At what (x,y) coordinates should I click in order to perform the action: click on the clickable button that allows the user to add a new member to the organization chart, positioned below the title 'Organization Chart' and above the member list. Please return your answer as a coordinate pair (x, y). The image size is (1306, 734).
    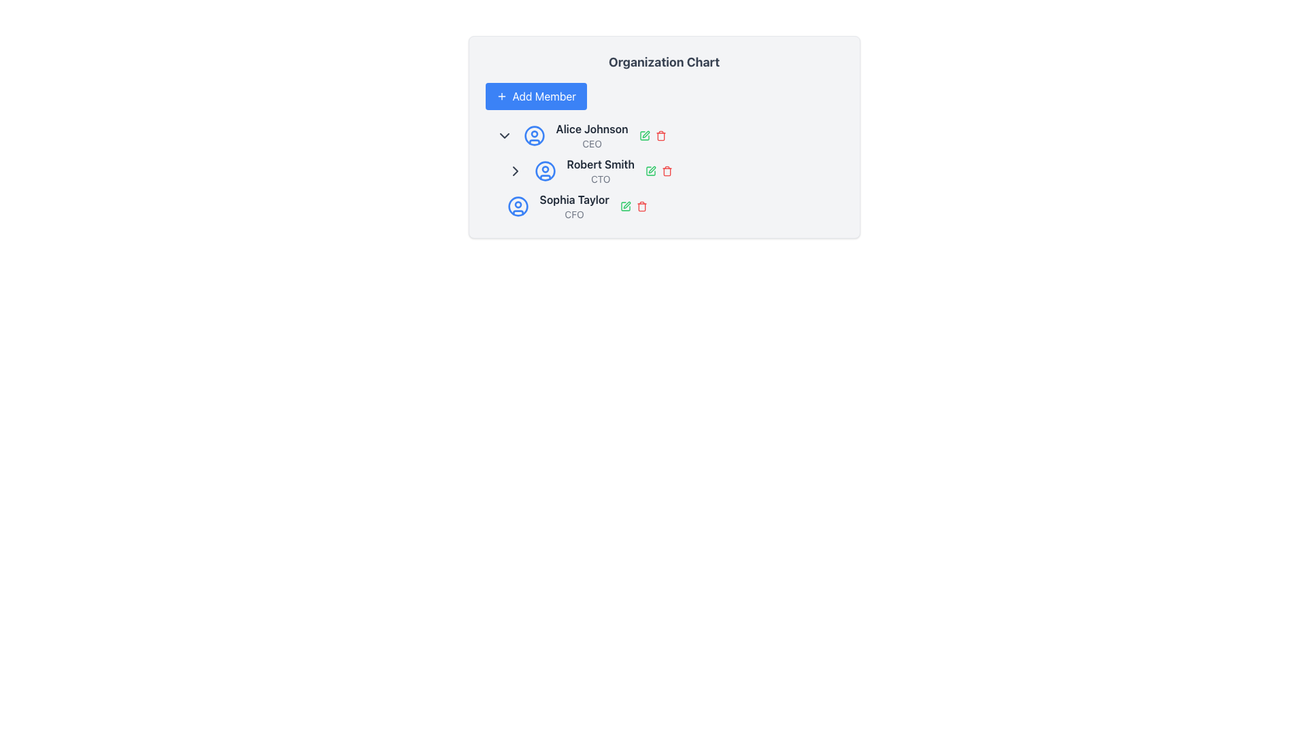
    Looking at the image, I should click on (535, 96).